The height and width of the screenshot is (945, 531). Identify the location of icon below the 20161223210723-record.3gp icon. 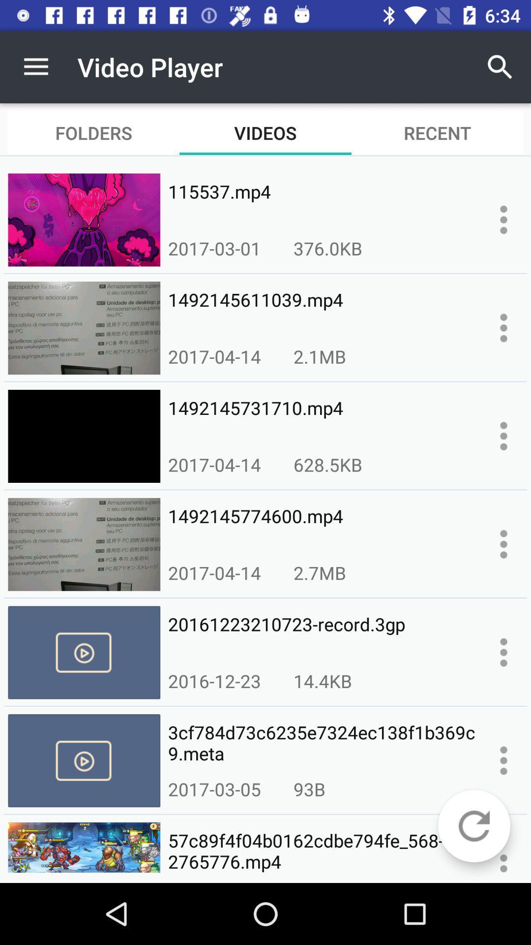
(214, 680).